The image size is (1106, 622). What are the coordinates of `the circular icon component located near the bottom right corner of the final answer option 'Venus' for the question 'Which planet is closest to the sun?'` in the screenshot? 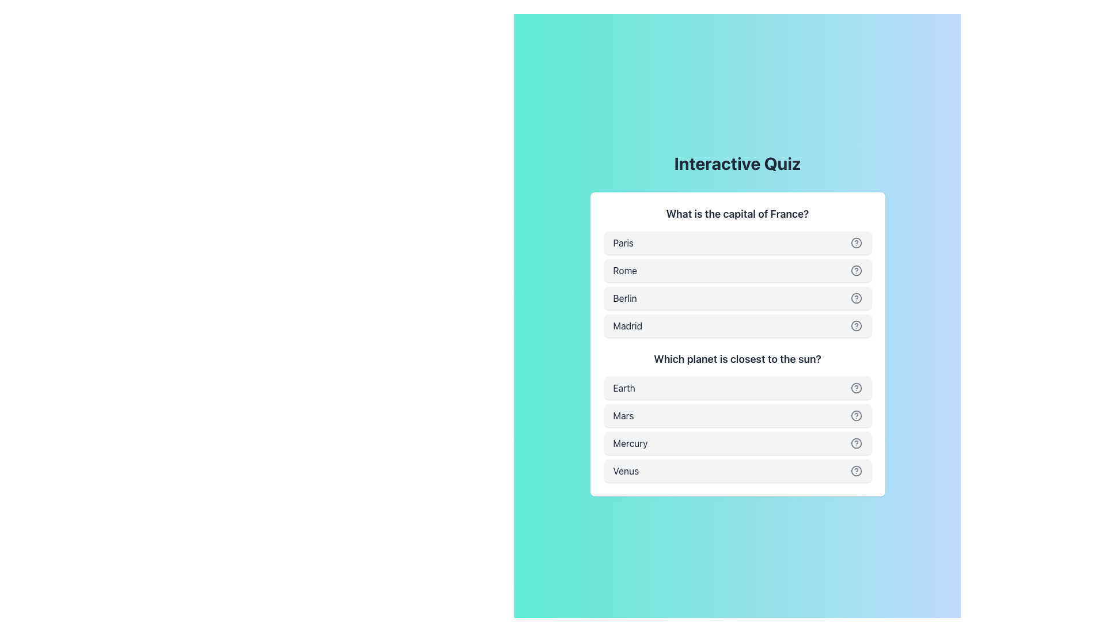 It's located at (856, 471).